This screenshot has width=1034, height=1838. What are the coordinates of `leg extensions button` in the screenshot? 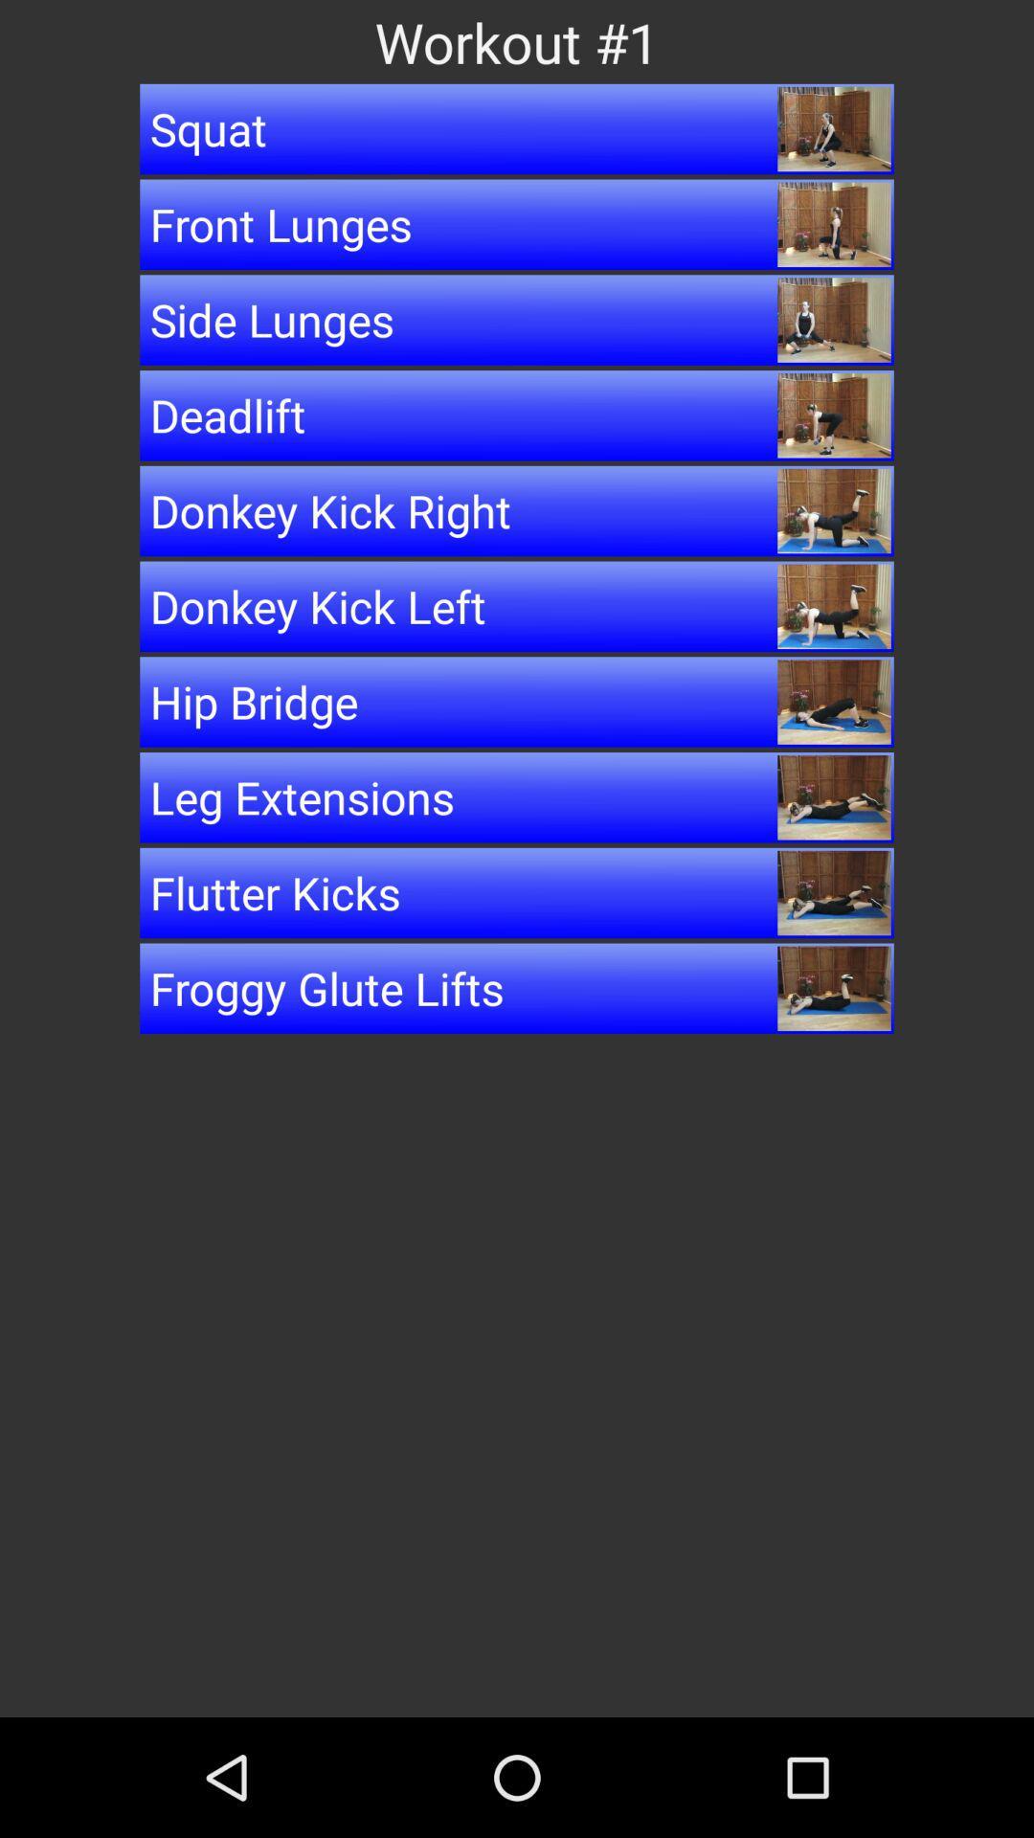 It's located at (517, 797).